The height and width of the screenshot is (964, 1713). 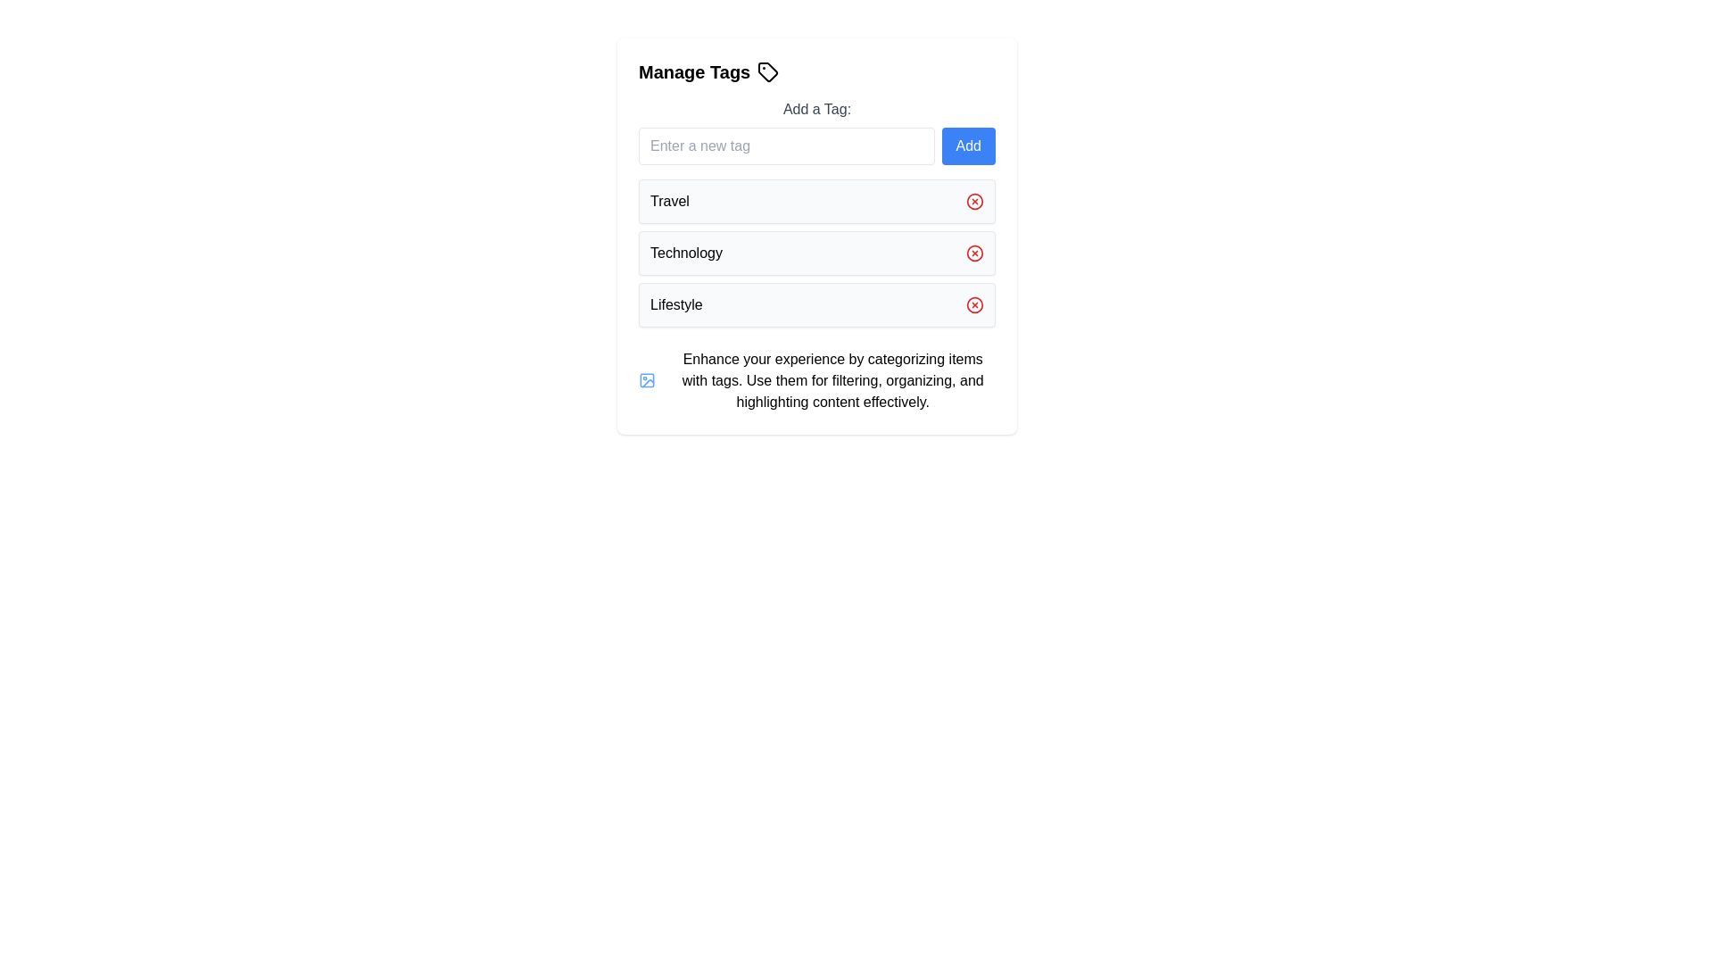 I want to click on the button located in the top-right portion of the 'Manage Tags' section, so click(x=967, y=145).